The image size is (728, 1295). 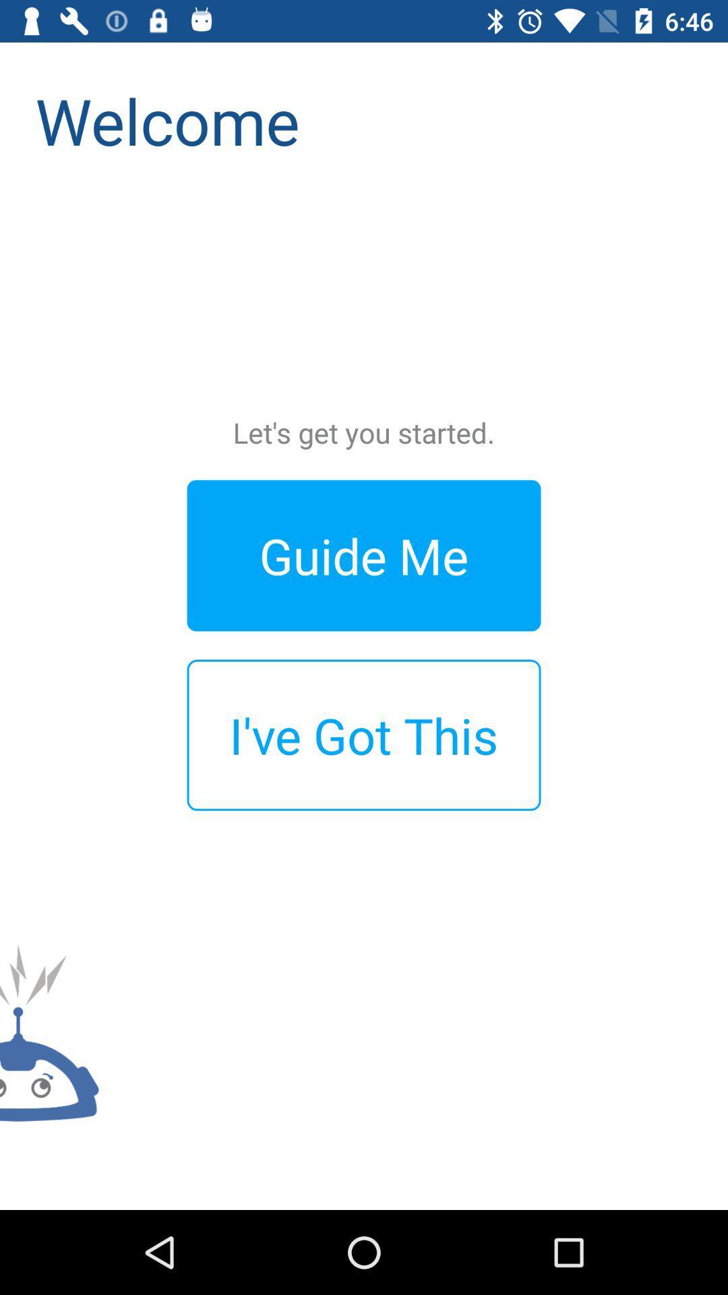 What do you see at coordinates (364, 555) in the screenshot?
I see `the app below let s get item` at bounding box center [364, 555].